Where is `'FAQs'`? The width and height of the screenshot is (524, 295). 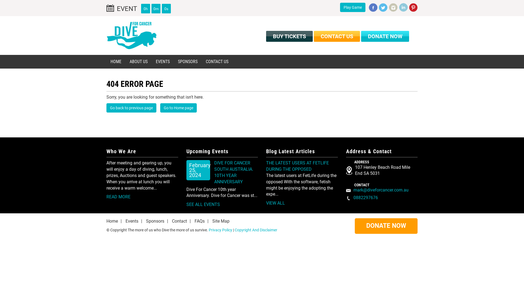
'FAQs' is located at coordinates (199, 221).